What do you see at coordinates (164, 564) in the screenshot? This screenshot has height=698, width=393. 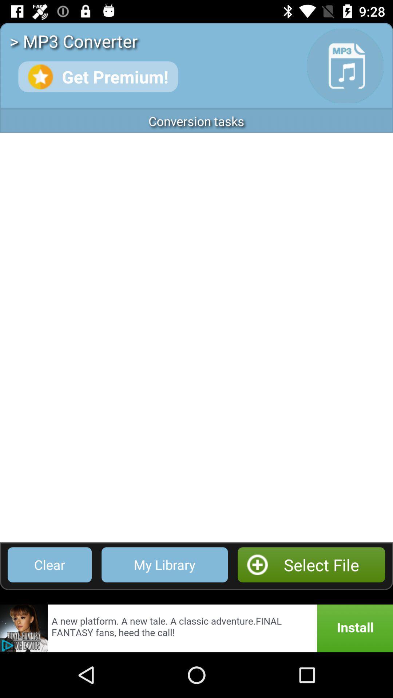 I see `icon to the left of select file item` at bounding box center [164, 564].